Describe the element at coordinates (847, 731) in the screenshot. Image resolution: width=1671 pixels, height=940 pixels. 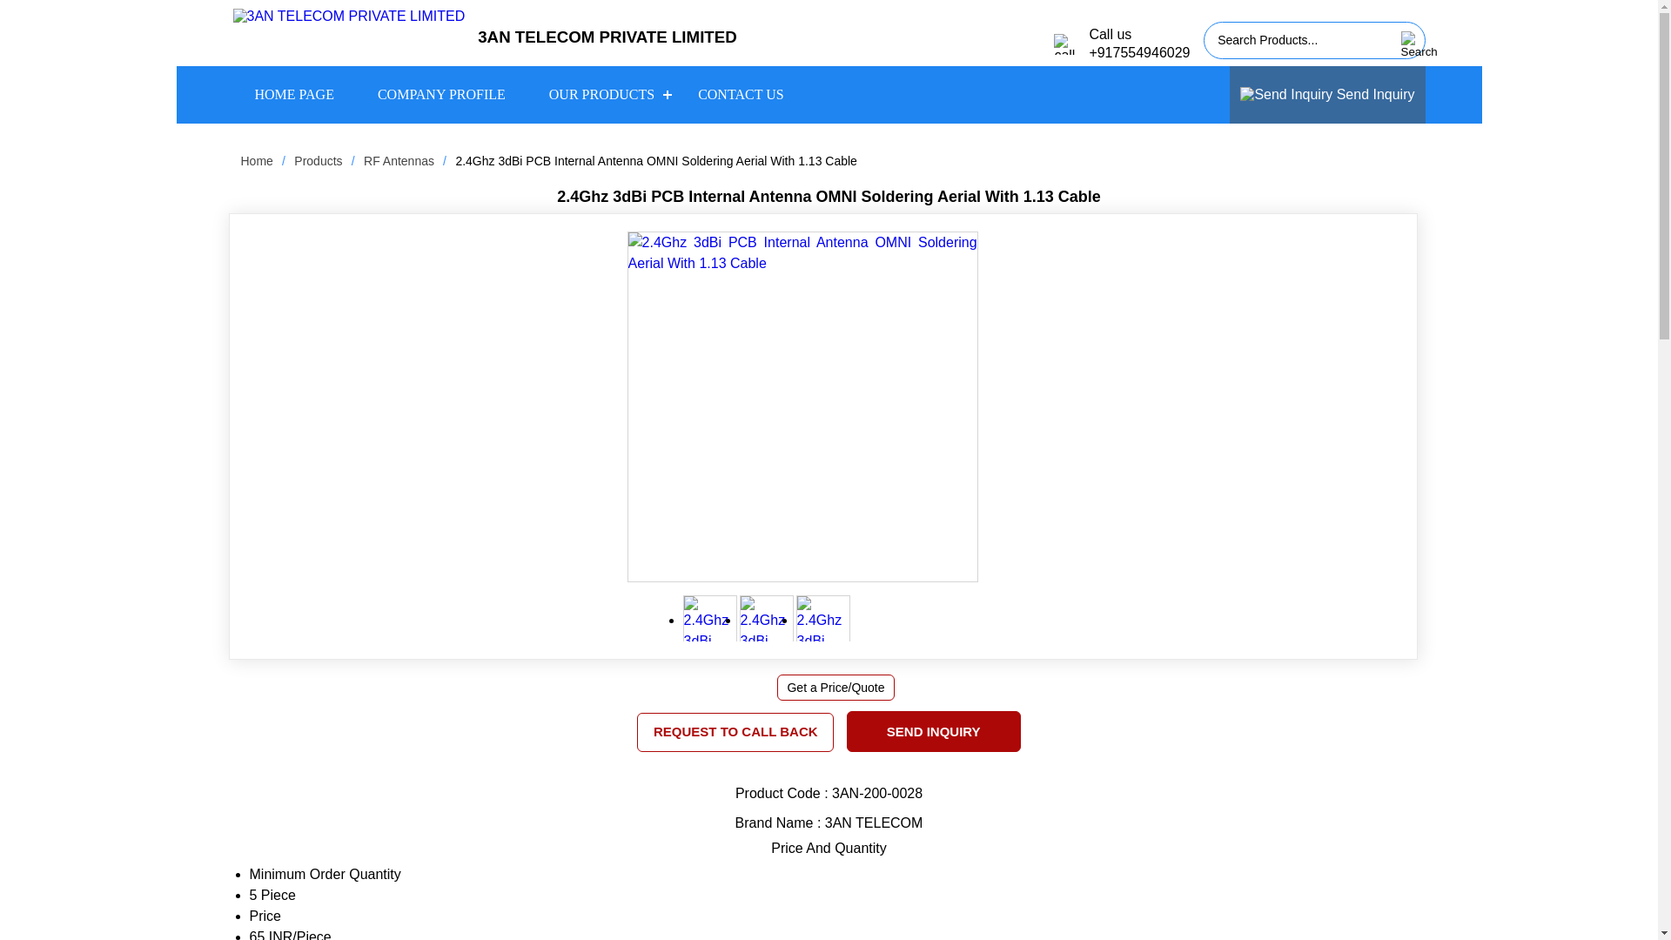
I see `'SEND INQUIRY'` at that location.